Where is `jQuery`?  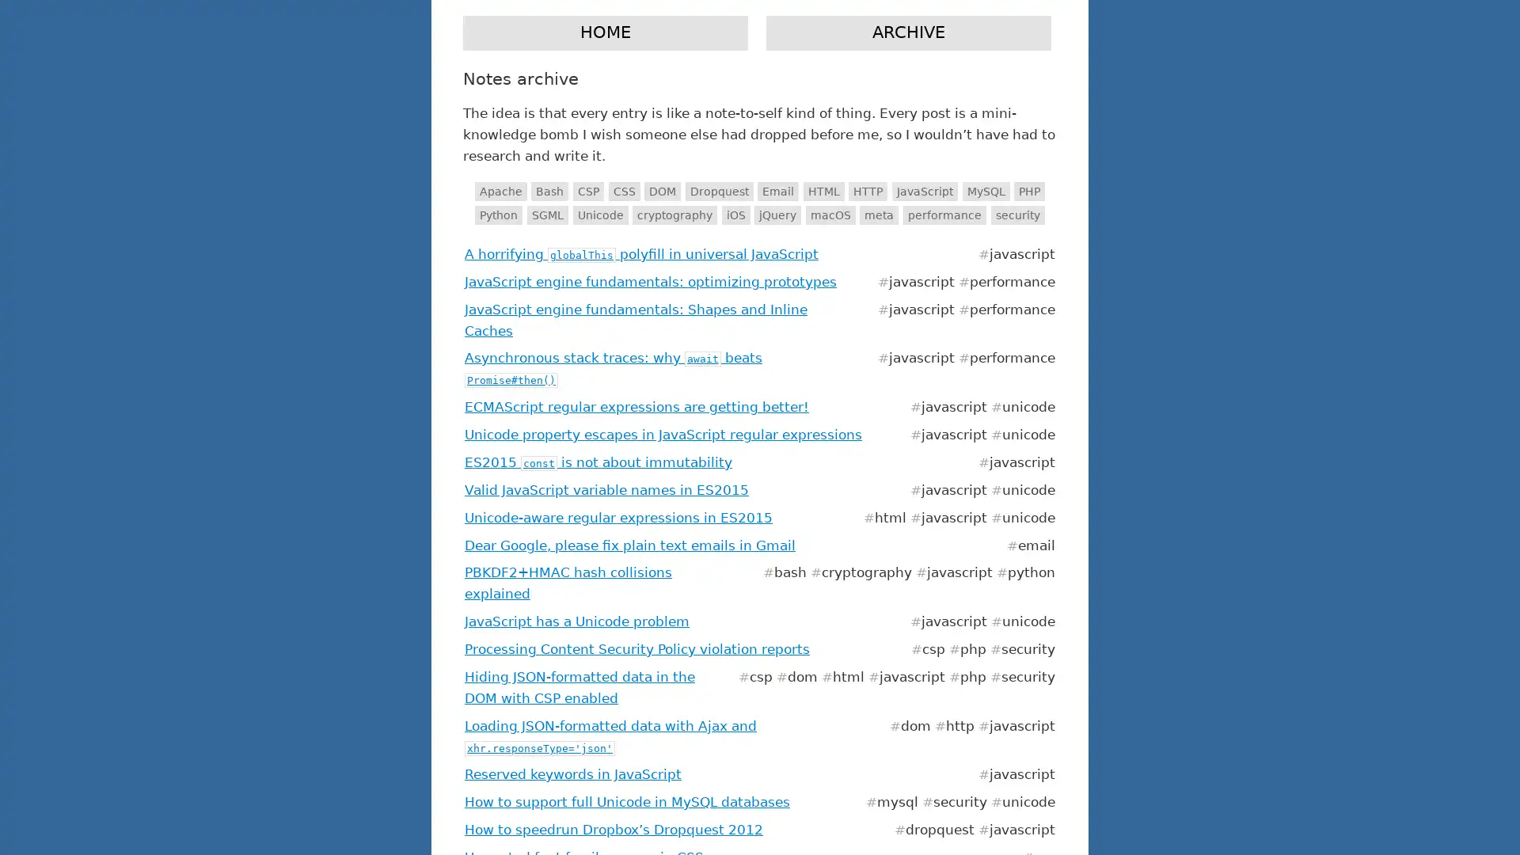 jQuery is located at coordinates (777, 215).